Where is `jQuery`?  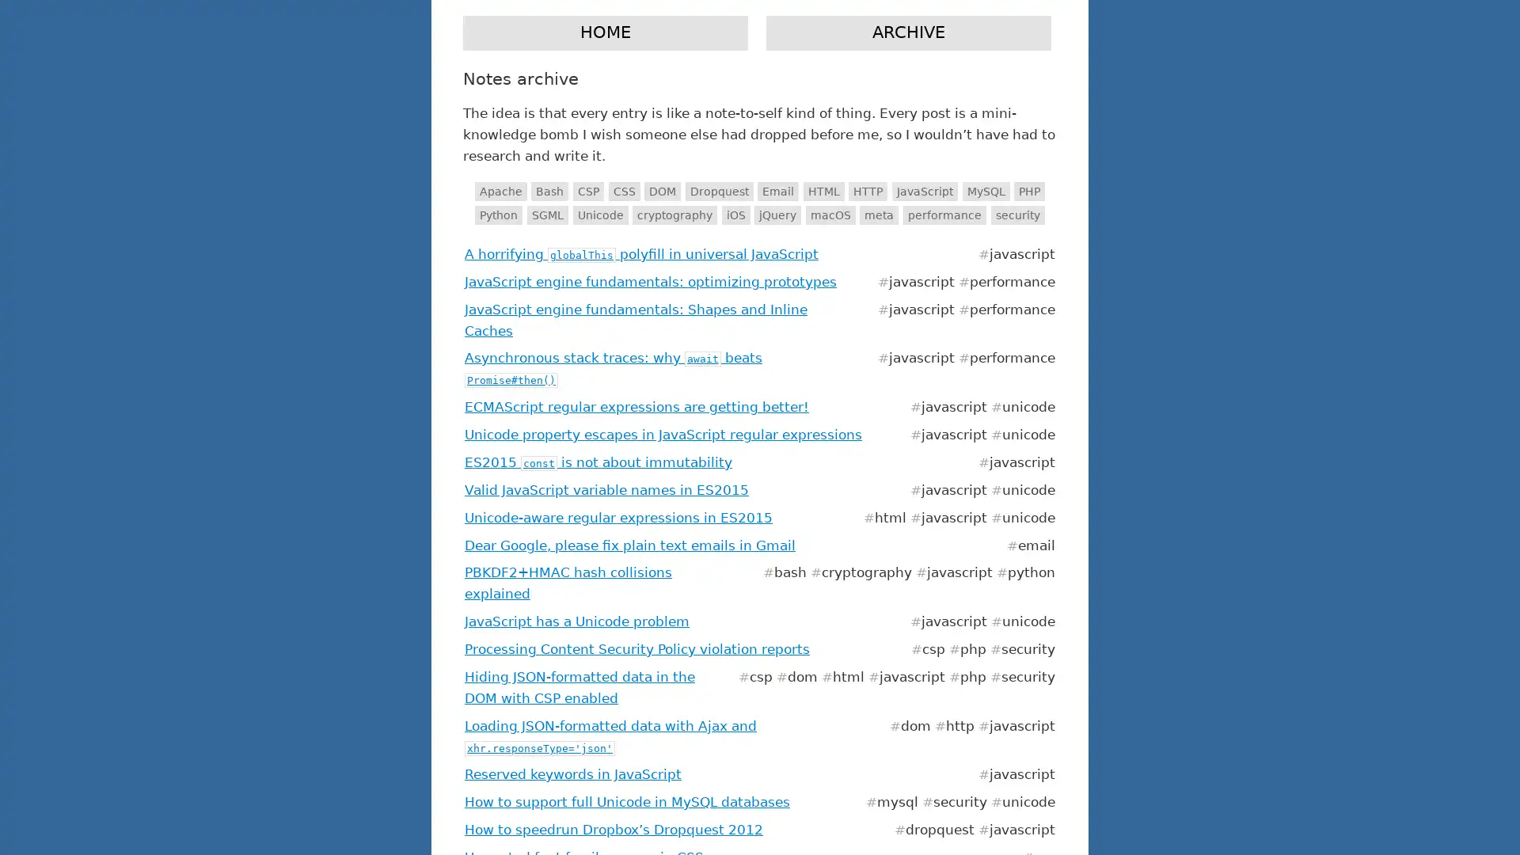 jQuery is located at coordinates (777, 215).